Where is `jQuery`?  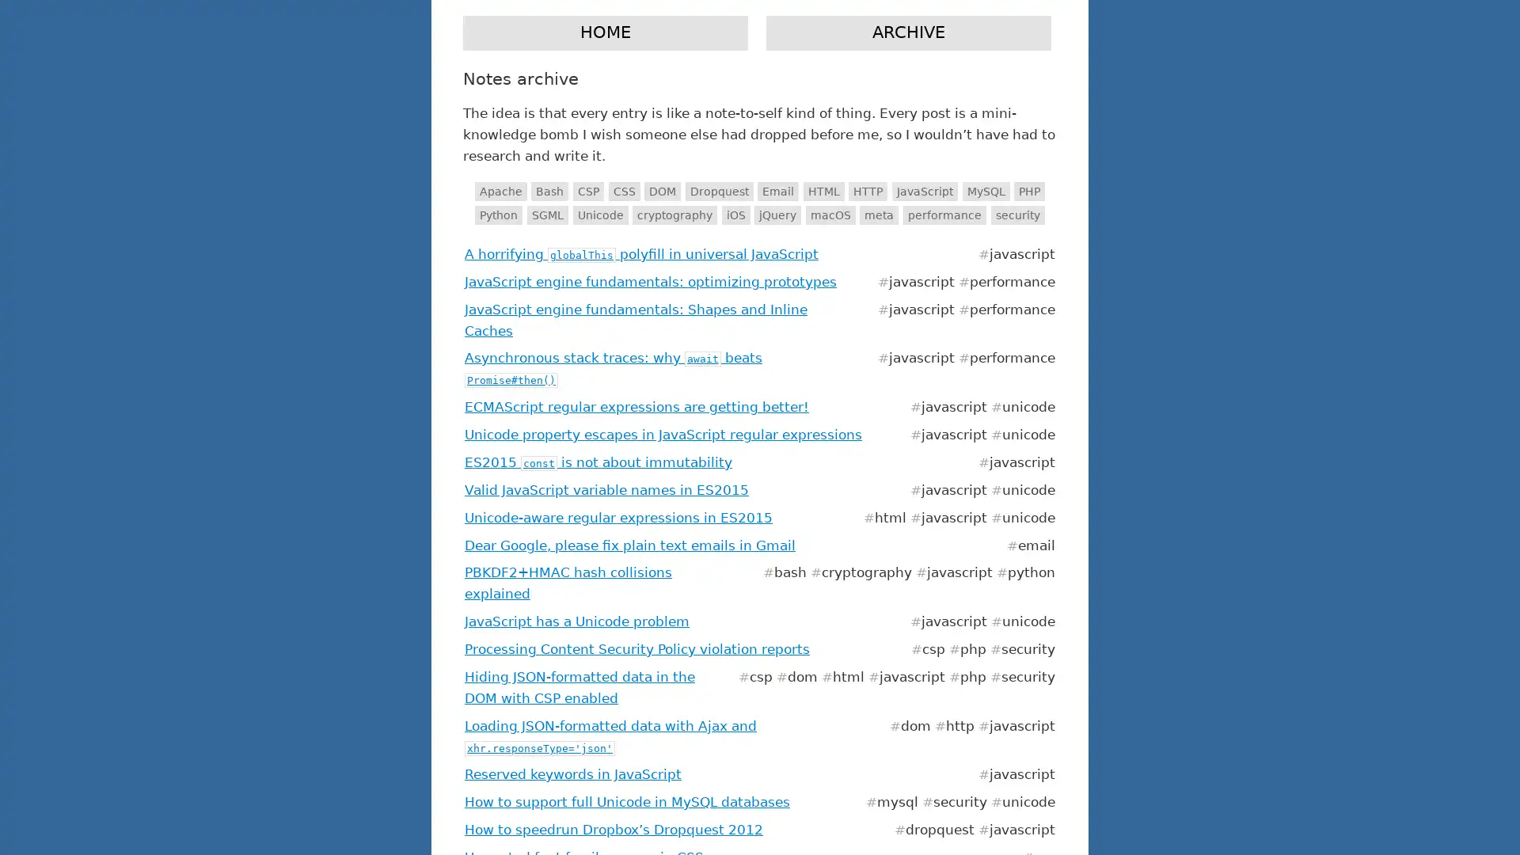 jQuery is located at coordinates (777, 215).